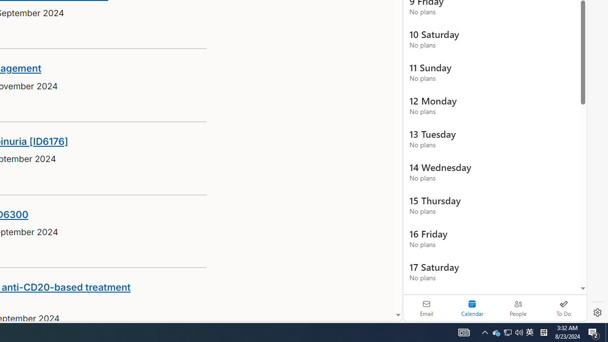  Describe the element at coordinates (426, 308) in the screenshot. I see `'Email'` at that location.